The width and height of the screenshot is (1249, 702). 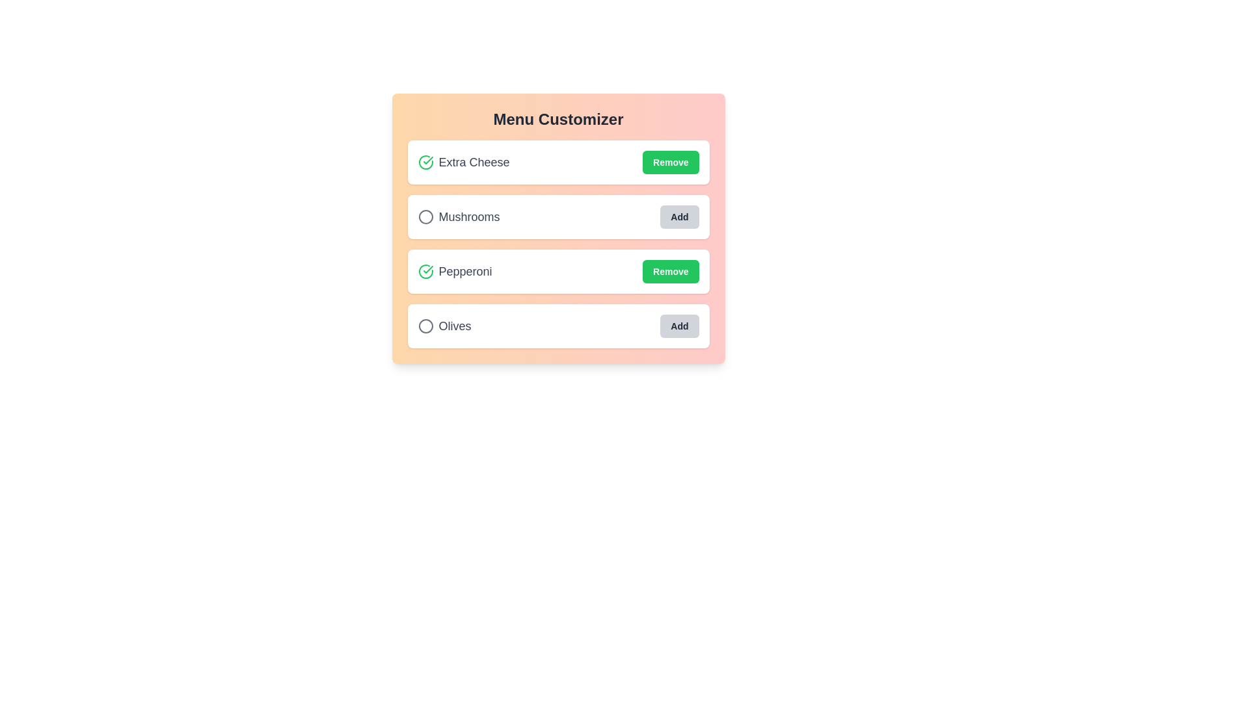 I want to click on the circular icon for Extra Cheese to toggle its selection state, so click(x=425, y=162).